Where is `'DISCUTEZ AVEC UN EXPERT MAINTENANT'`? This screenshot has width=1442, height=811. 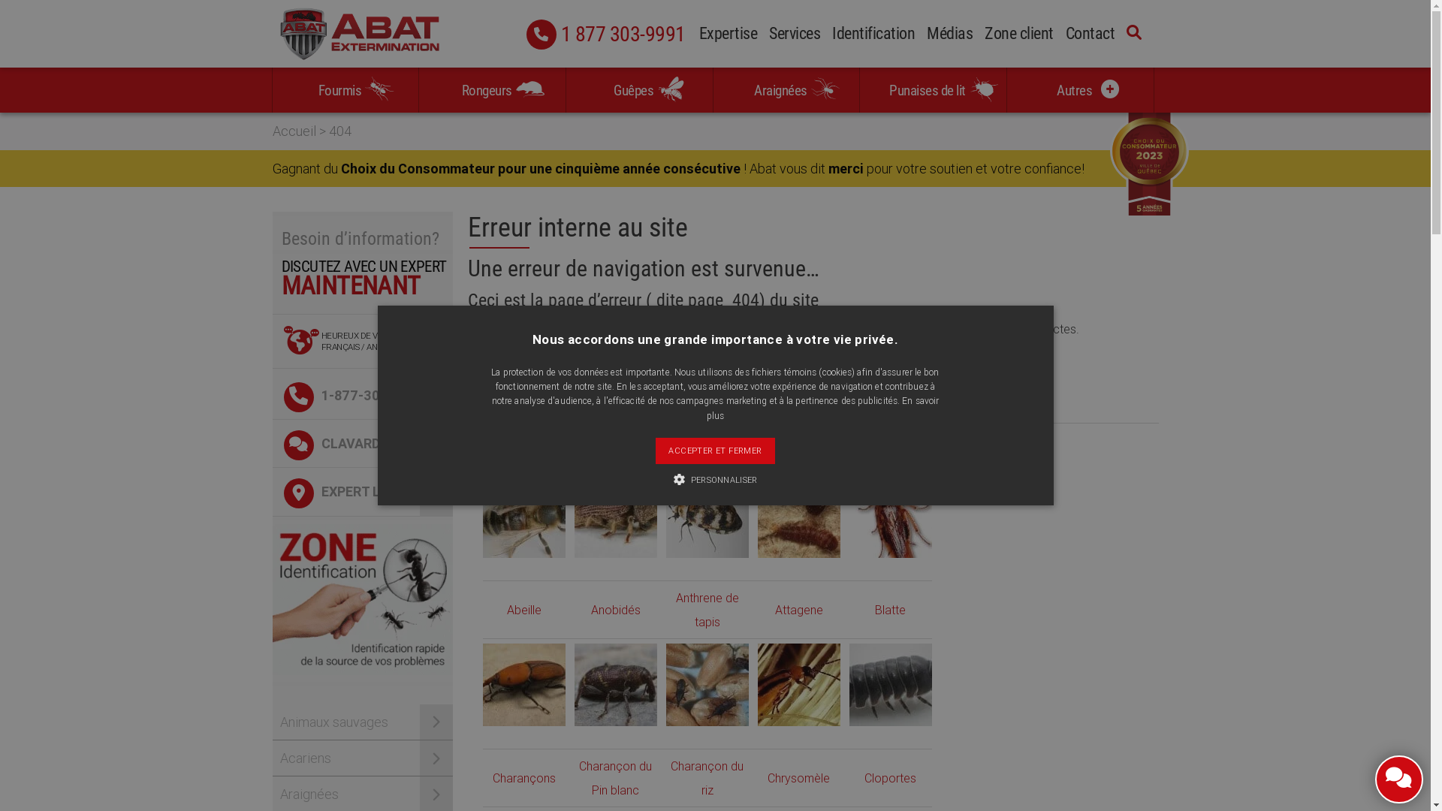
'DISCUTEZ AVEC UN EXPERT MAINTENANT' is located at coordinates (361, 286).